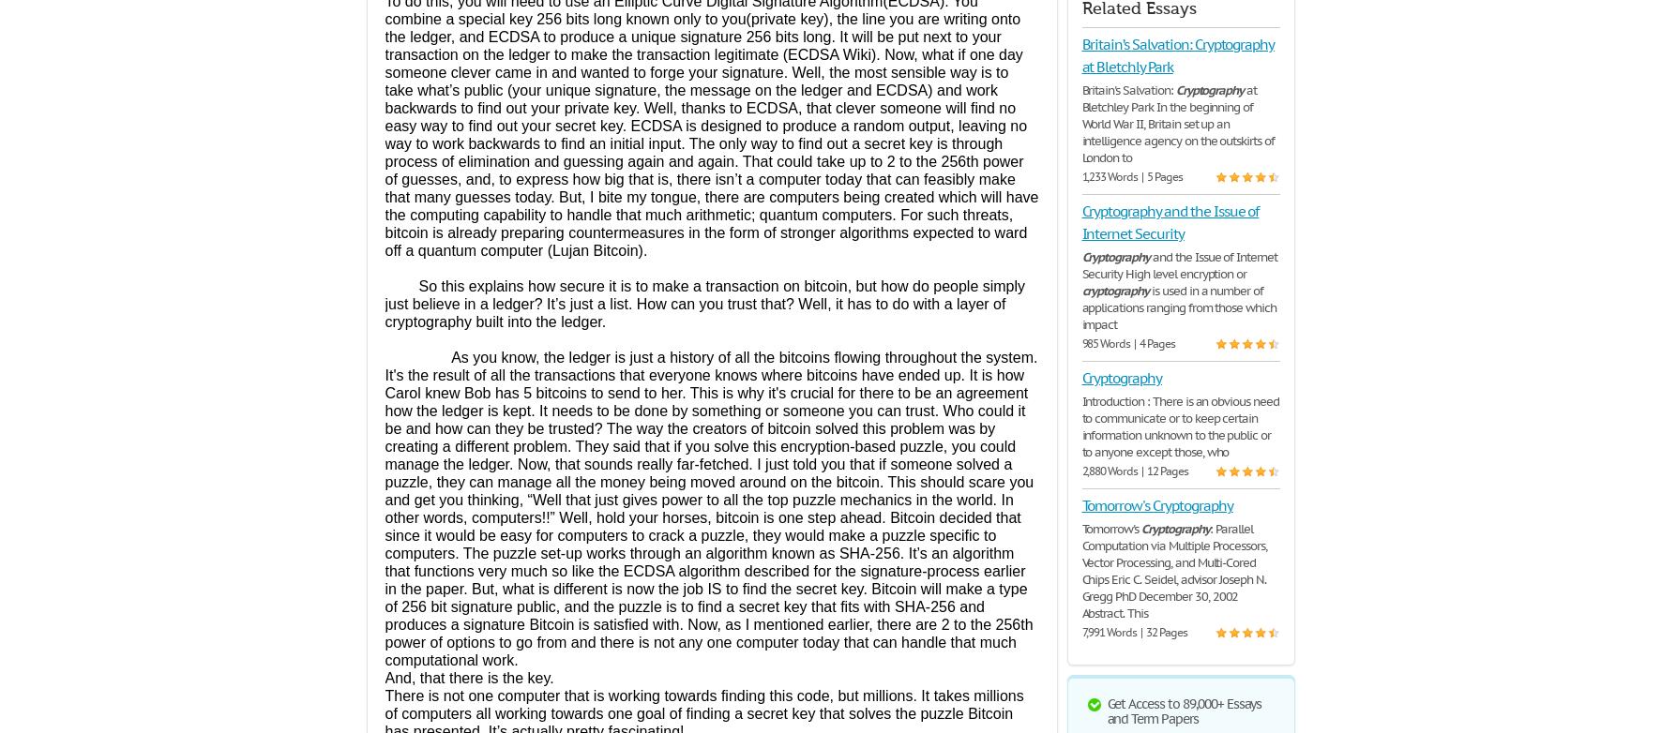 This screenshot has width=1661, height=733. I want to click on 'Tomorrow's', so click(1110, 529).